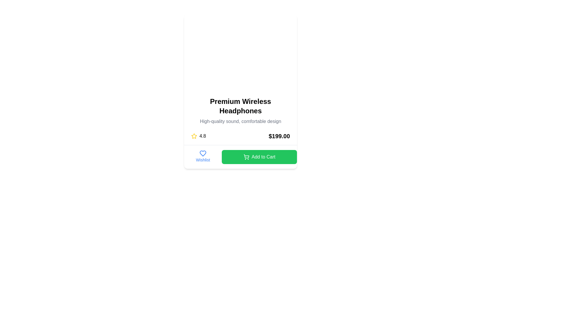  I want to click on the Control group at the bottom of the card containing the 'Wishlist' link and the 'Add to Cart' button, so click(241, 156).